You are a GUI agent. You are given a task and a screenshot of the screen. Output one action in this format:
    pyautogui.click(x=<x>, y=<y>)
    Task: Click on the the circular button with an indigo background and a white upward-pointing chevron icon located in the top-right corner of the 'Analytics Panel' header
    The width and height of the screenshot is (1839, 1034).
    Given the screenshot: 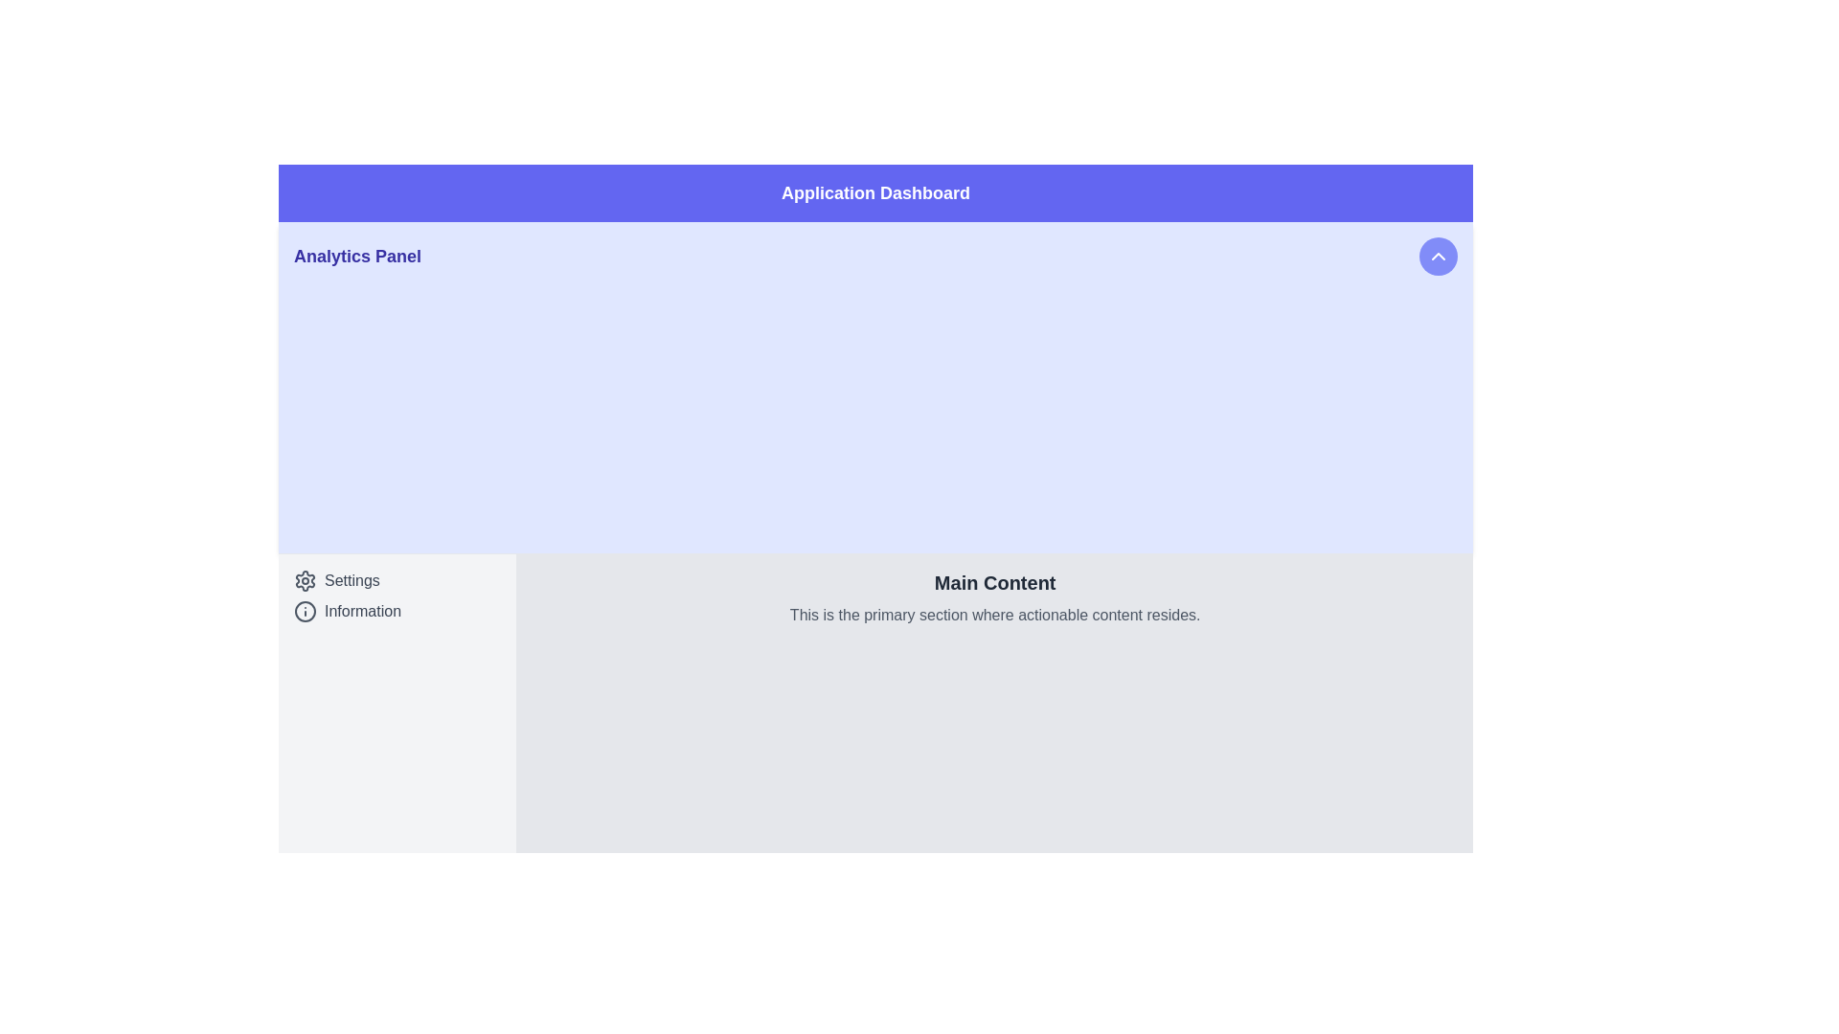 What is the action you would take?
    pyautogui.click(x=1439, y=255)
    